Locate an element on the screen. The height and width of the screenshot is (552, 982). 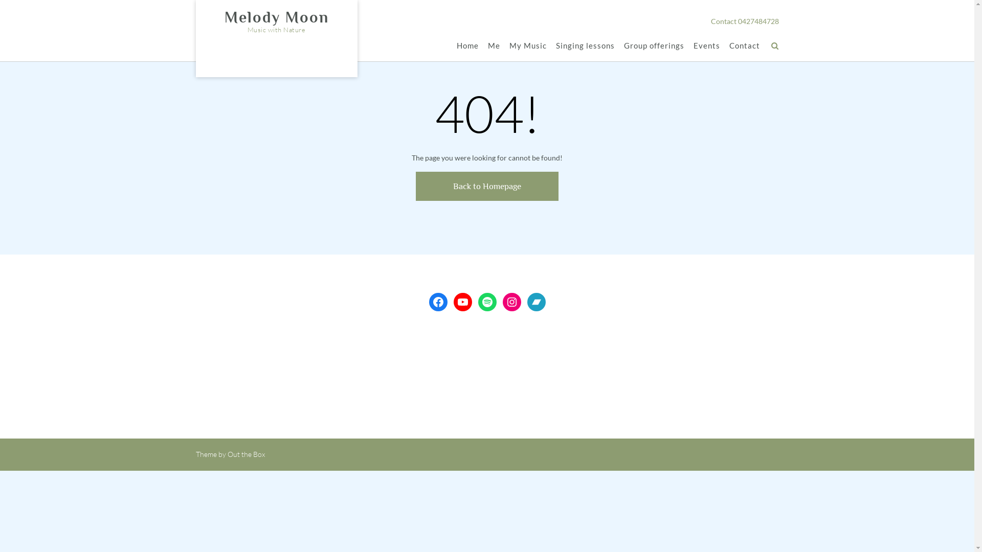
'Back to Homepage' is located at coordinates (415, 186).